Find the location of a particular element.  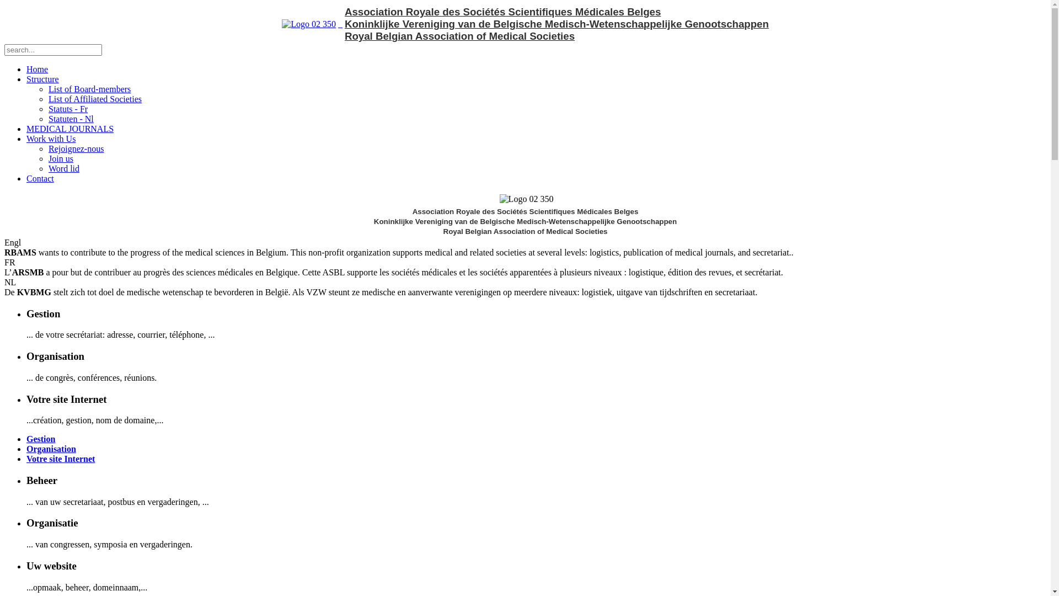

'Statuten - Nl' is located at coordinates (71, 119).